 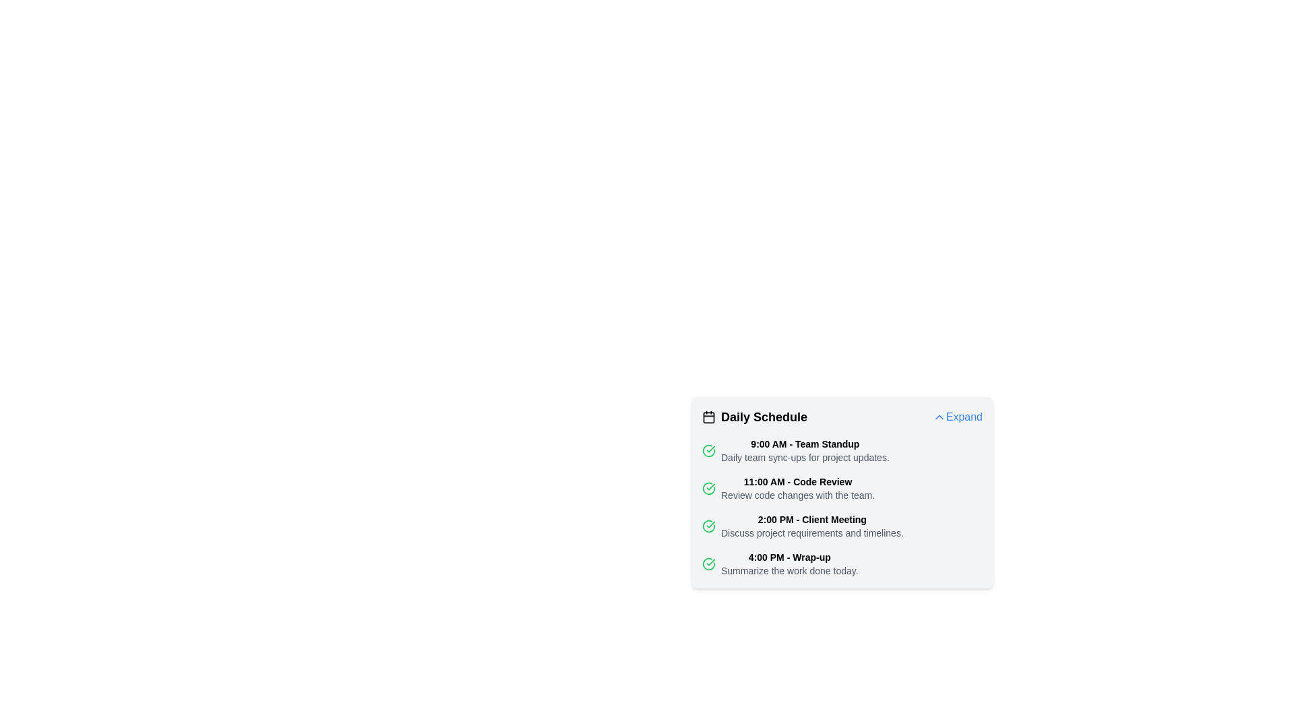 I want to click on the bold text label displaying '11:00 AM - Code Review', which is the second entry in the schedule layout, positioned between '9:00 AM - Team Standup' and '2:00 PM - Client Meeting', so click(x=798, y=481).